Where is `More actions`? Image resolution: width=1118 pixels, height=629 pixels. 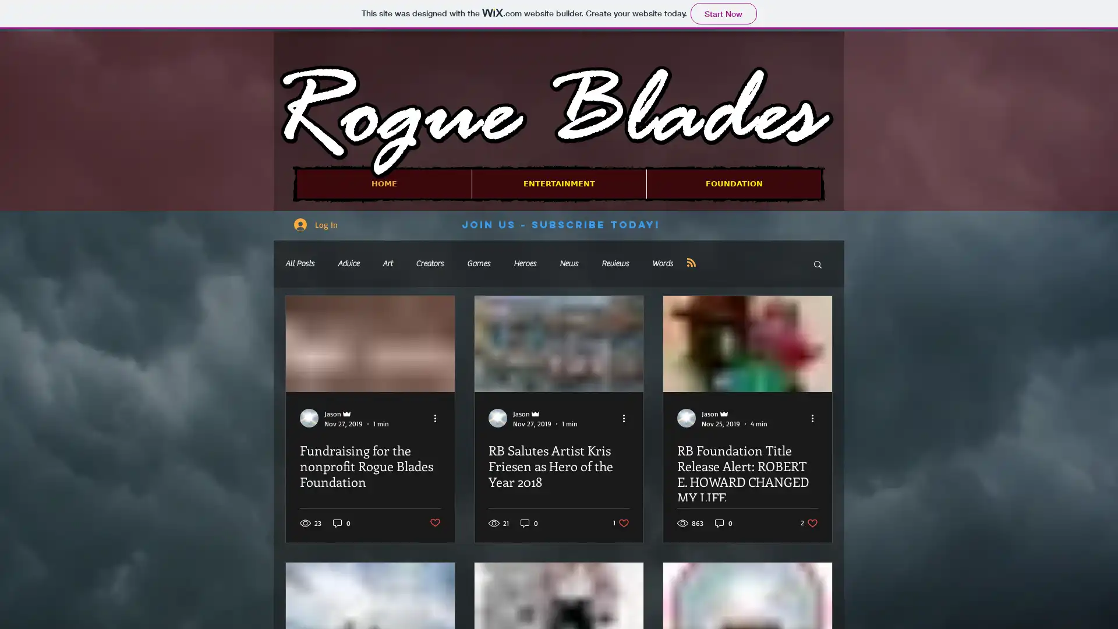
More actions is located at coordinates (815, 417).